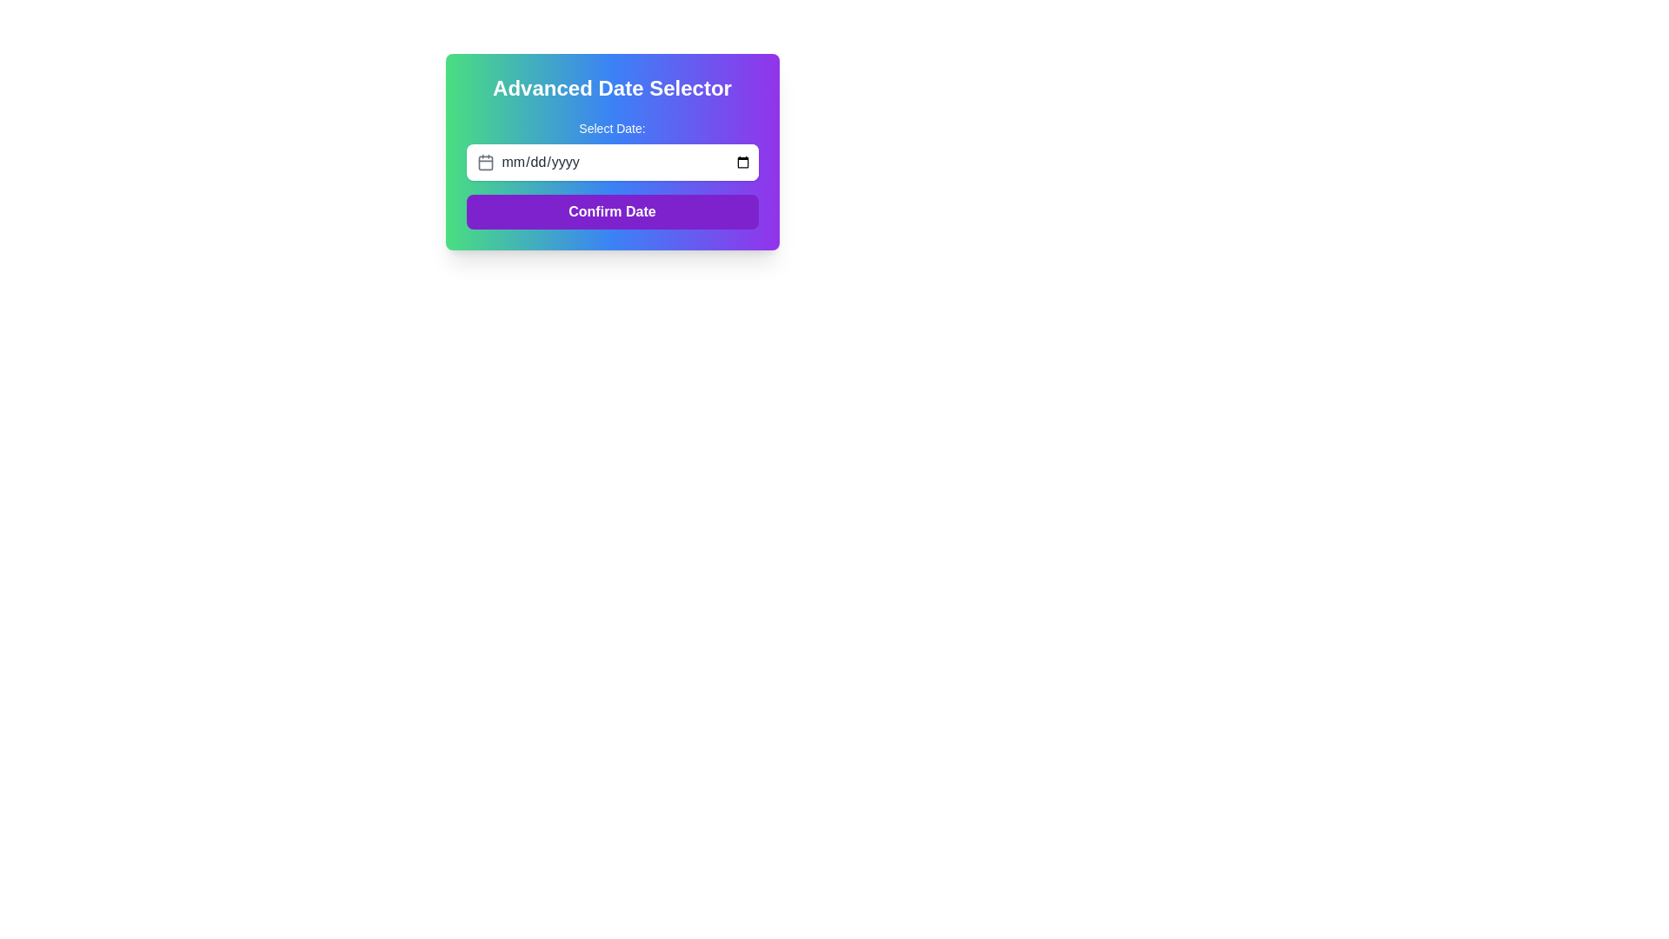 This screenshot has height=939, width=1669. I want to click on the label with the text 'Select Date:', which is styled with a small, bold font and aligned left, located at the top of a rectangular card component, so click(612, 127).